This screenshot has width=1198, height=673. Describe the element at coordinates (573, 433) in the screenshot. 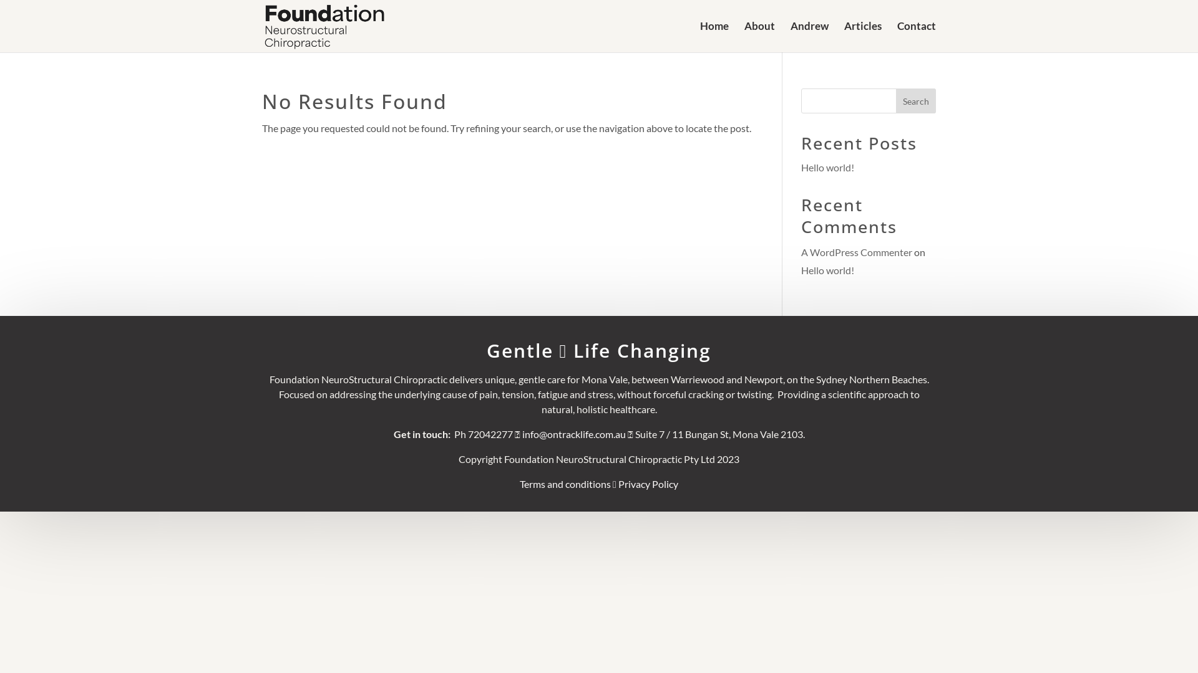

I see `'info@ontracklife.com.au'` at that location.